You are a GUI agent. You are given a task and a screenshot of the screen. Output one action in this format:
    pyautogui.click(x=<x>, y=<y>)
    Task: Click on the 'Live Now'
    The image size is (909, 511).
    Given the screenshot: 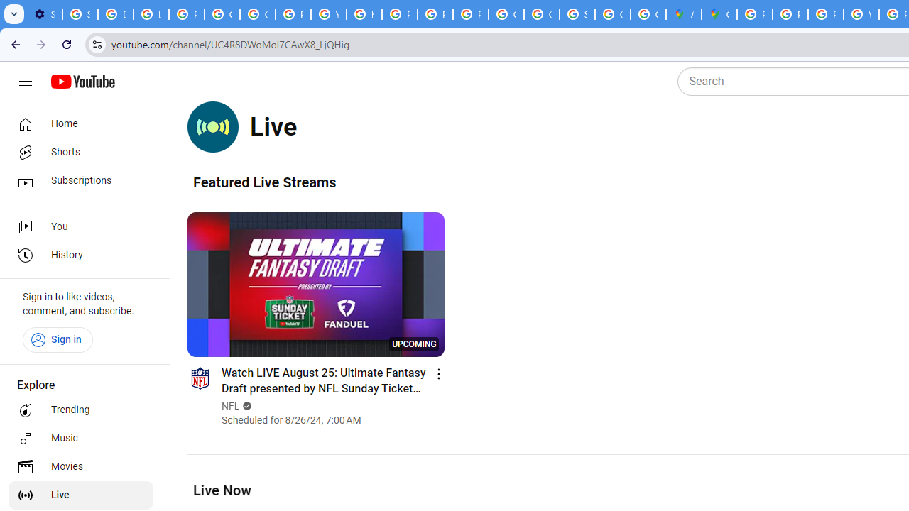 What is the action you would take?
    pyautogui.click(x=221, y=489)
    